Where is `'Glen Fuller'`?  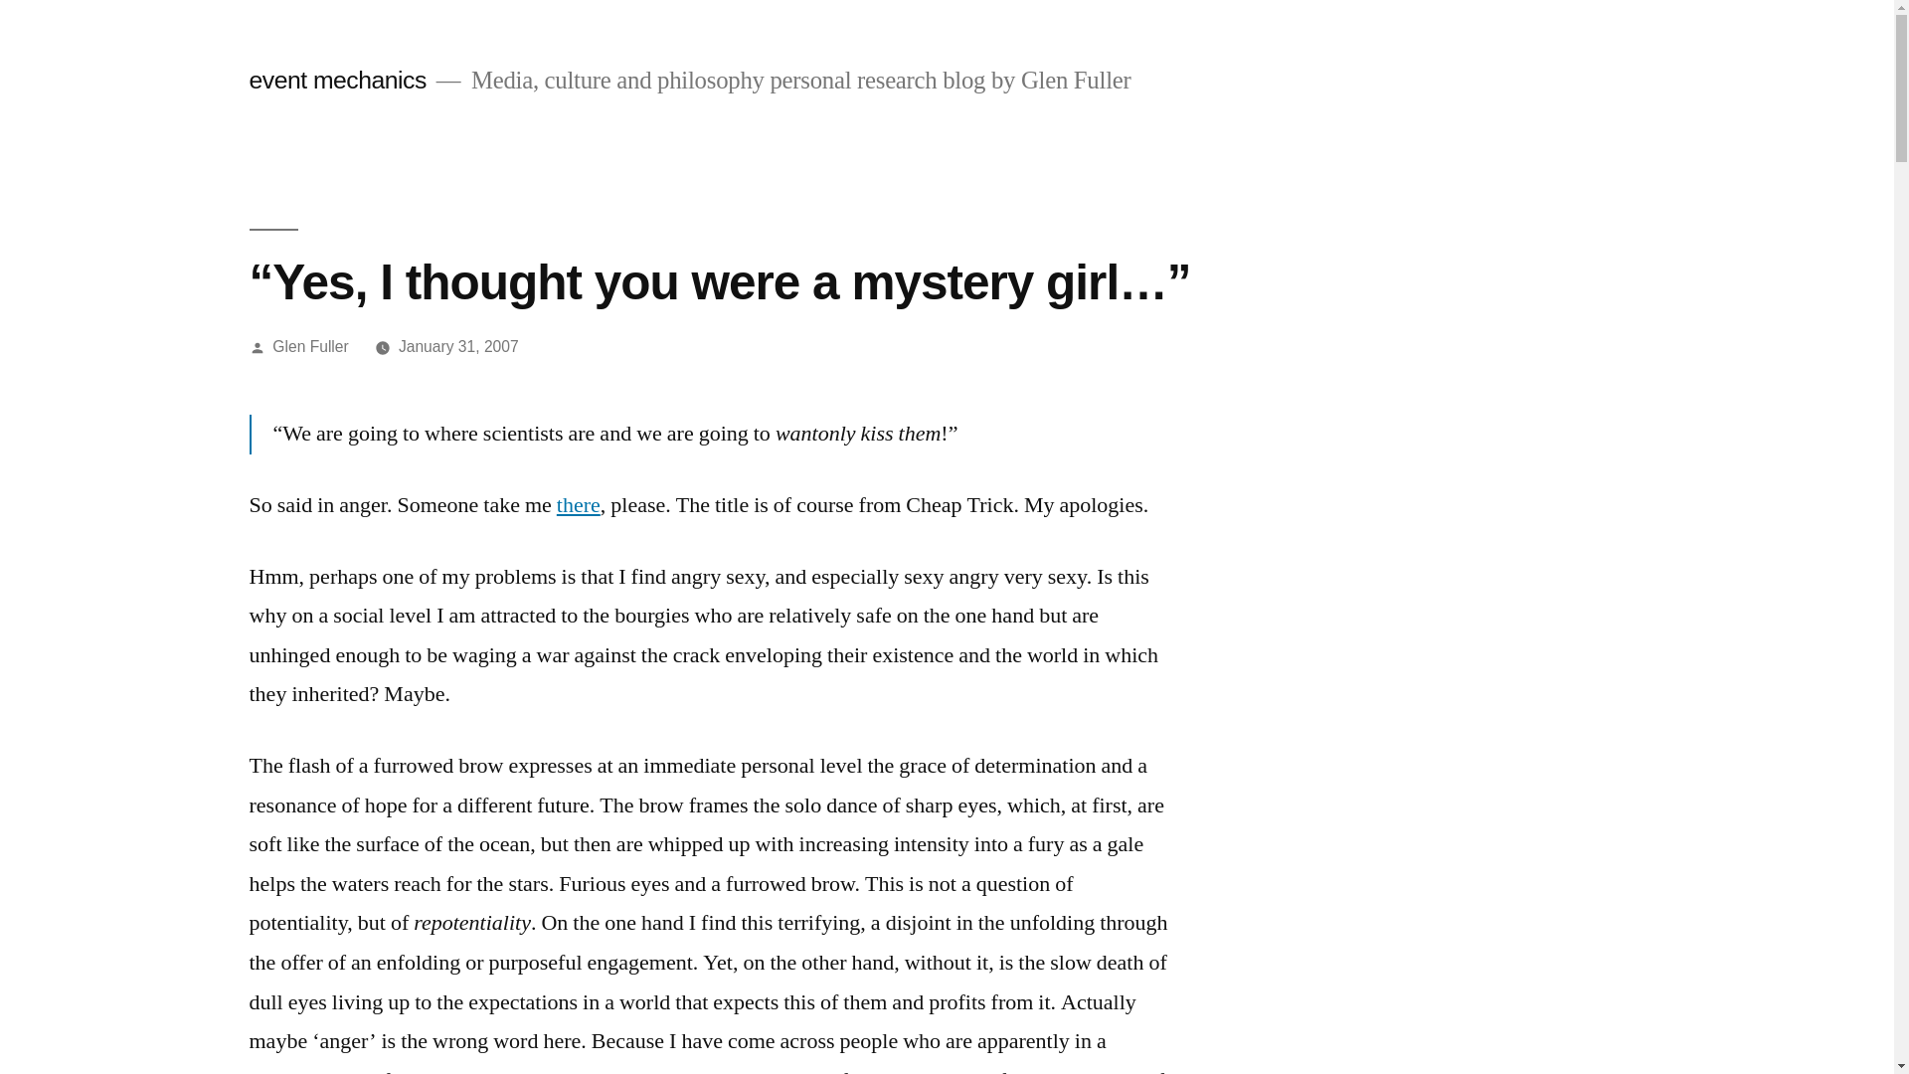 'Glen Fuller' is located at coordinates (309, 345).